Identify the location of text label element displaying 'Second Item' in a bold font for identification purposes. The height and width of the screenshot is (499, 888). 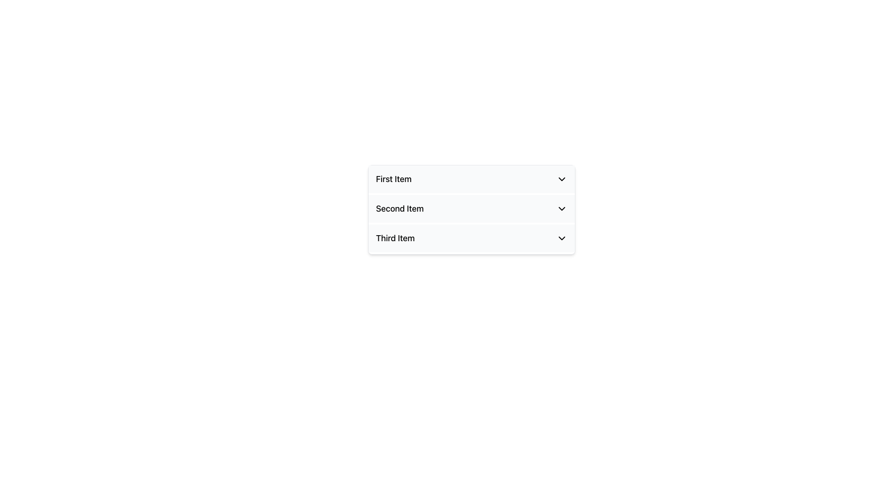
(400, 208).